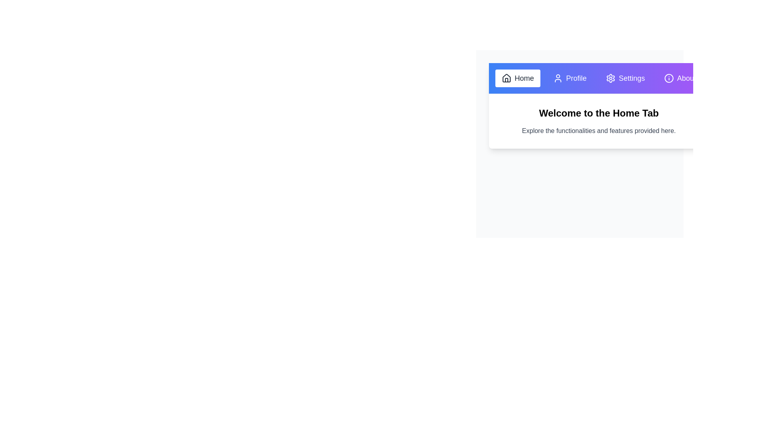 The image size is (772, 434). I want to click on the door icon of the house representation, which is a rectangular shape located at the bottom center of the house icon, so click(506, 80).